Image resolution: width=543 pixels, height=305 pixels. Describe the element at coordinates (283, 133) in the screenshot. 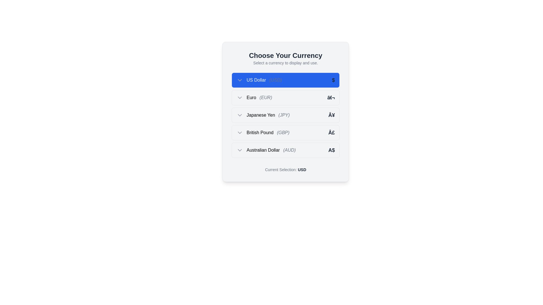

I see `the text label displaying '(GBP)', which is styled in italic and a lighter gray color, located to the right of 'British Pound' in the currency selection menu` at that location.